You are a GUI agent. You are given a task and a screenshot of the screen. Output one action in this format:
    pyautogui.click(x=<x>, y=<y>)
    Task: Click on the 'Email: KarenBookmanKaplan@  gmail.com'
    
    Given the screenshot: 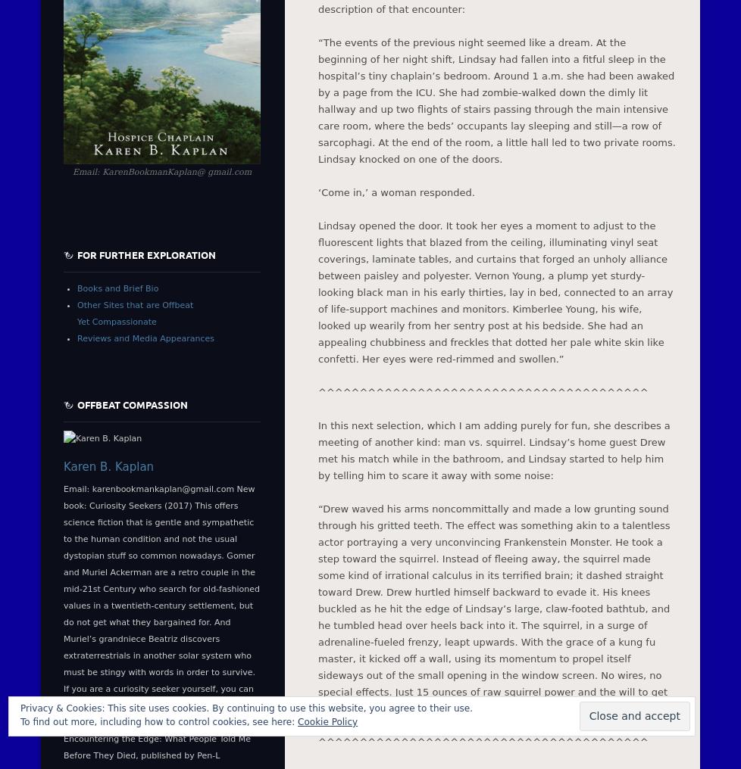 What is the action you would take?
    pyautogui.click(x=161, y=172)
    